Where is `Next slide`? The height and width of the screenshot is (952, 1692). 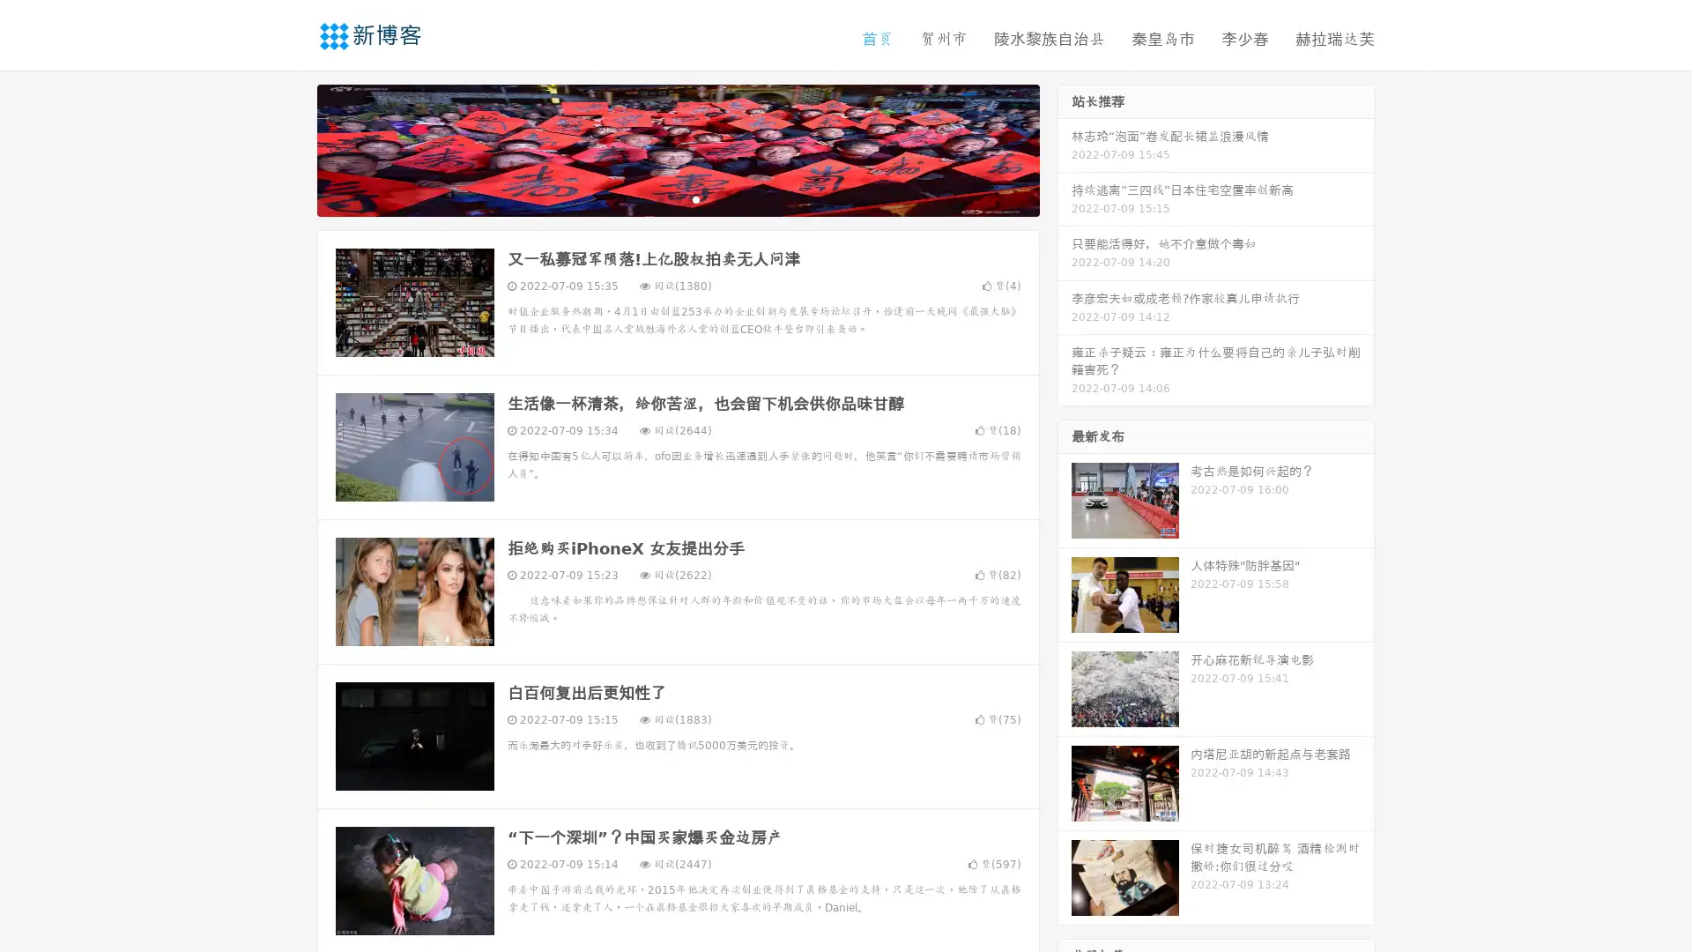 Next slide is located at coordinates (1065, 148).